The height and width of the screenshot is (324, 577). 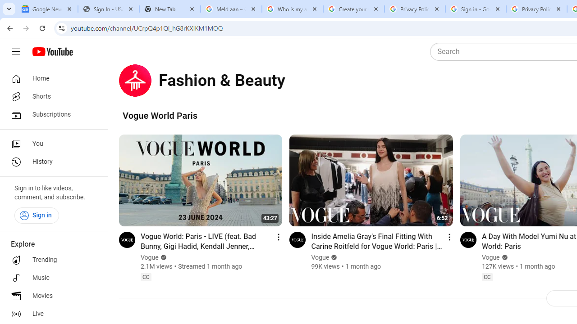 What do you see at coordinates (475, 9) in the screenshot?
I see `'Sign in - Google Accounts'` at bounding box center [475, 9].